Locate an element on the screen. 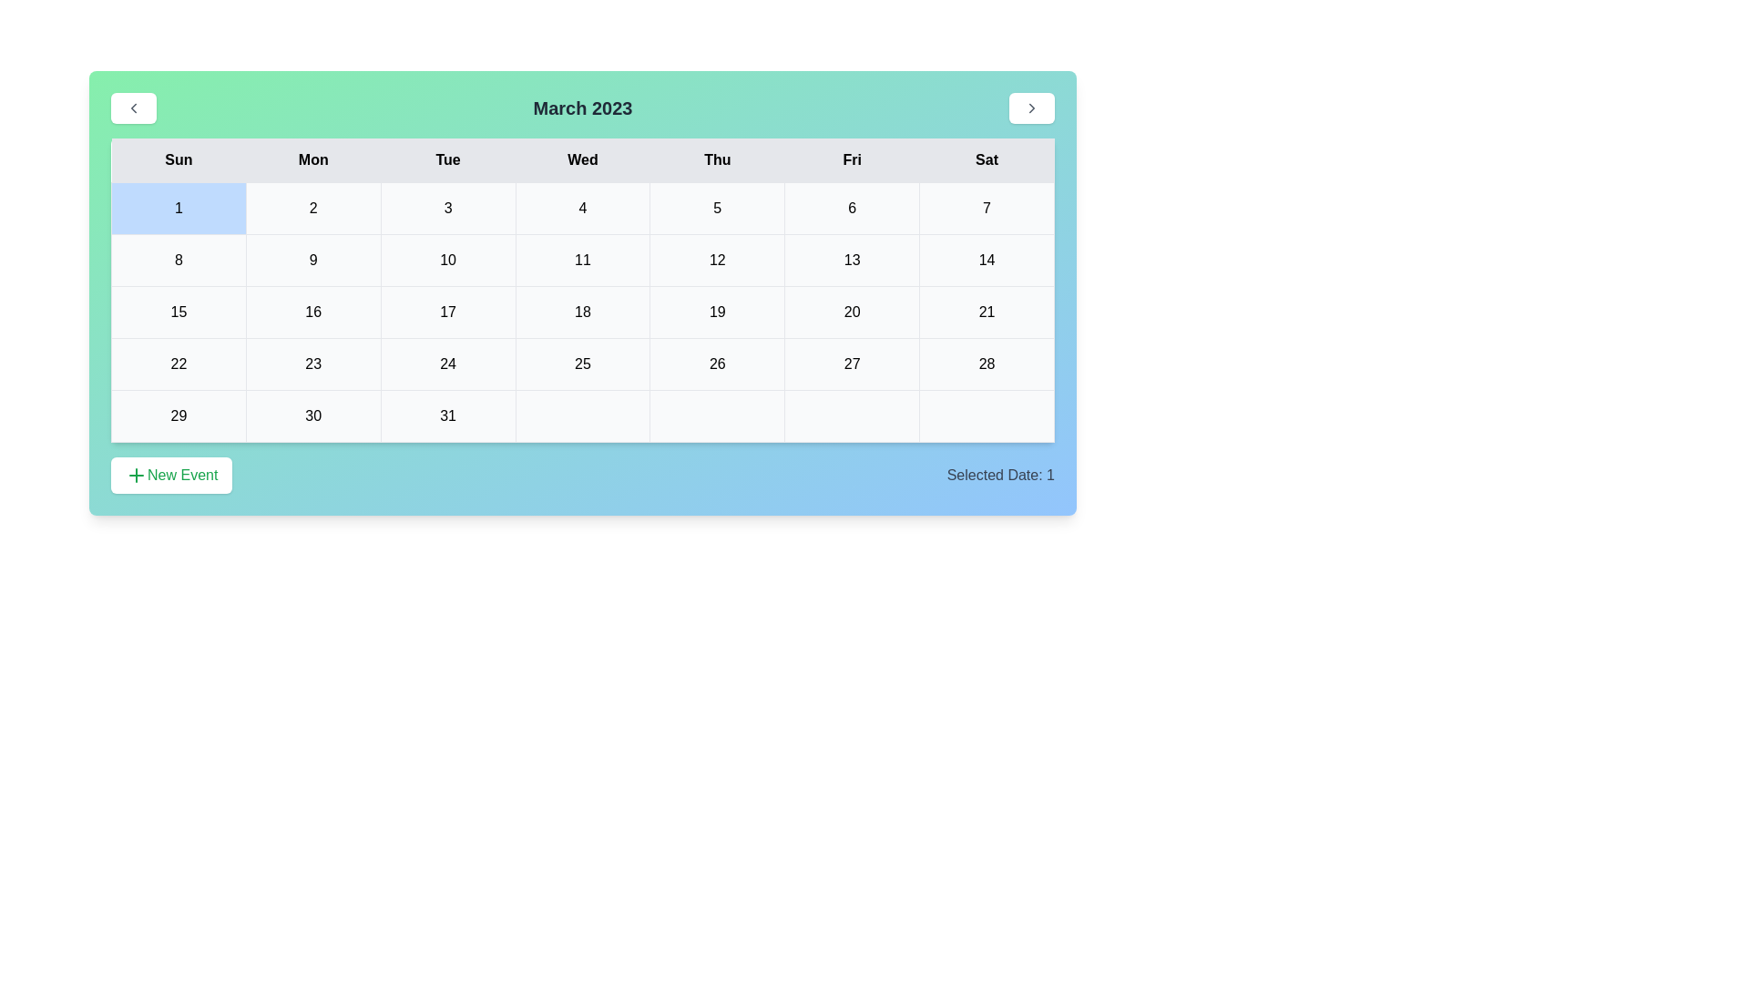  the cell representing the date 2 in the calendar is located at coordinates (313, 207).